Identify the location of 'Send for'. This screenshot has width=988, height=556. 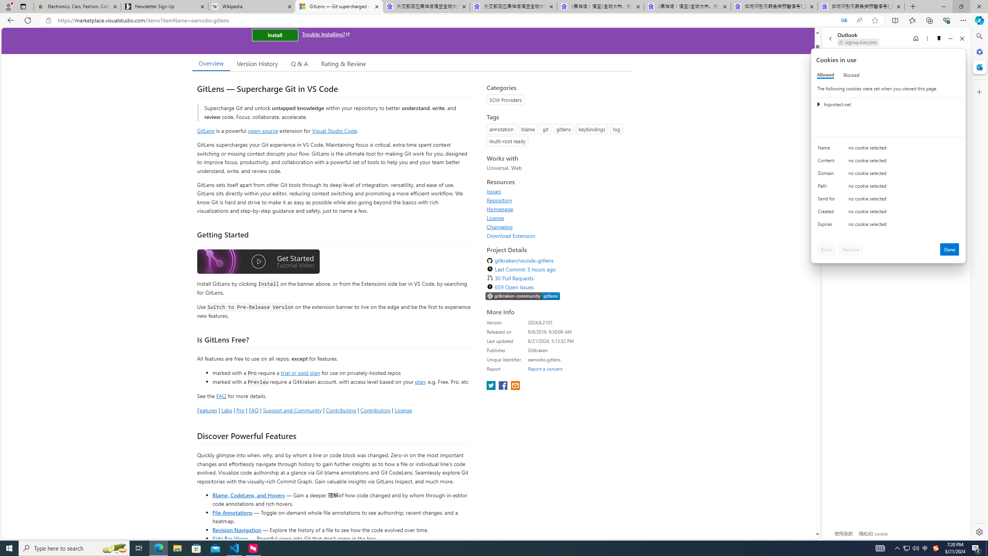
(827, 200).